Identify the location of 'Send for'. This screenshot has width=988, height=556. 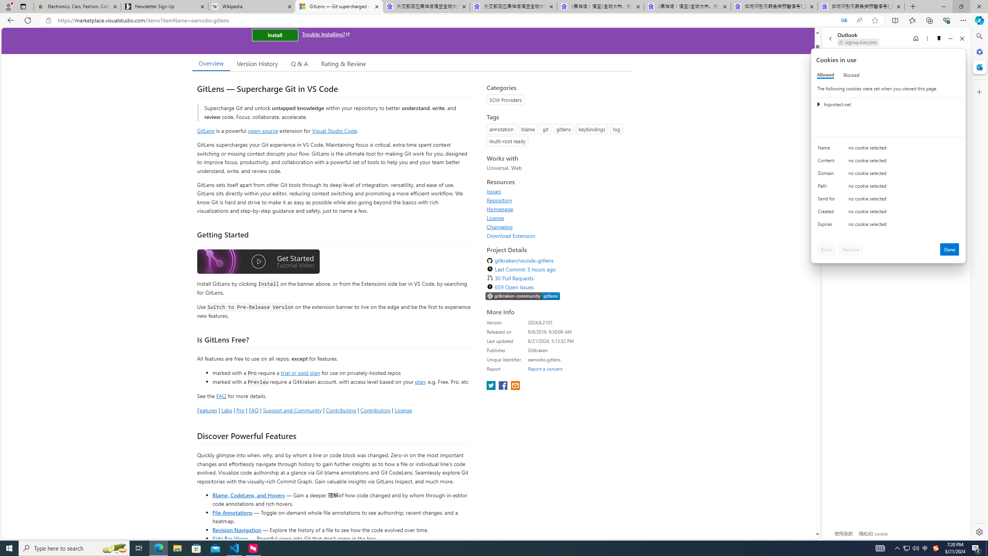
(827, 200).